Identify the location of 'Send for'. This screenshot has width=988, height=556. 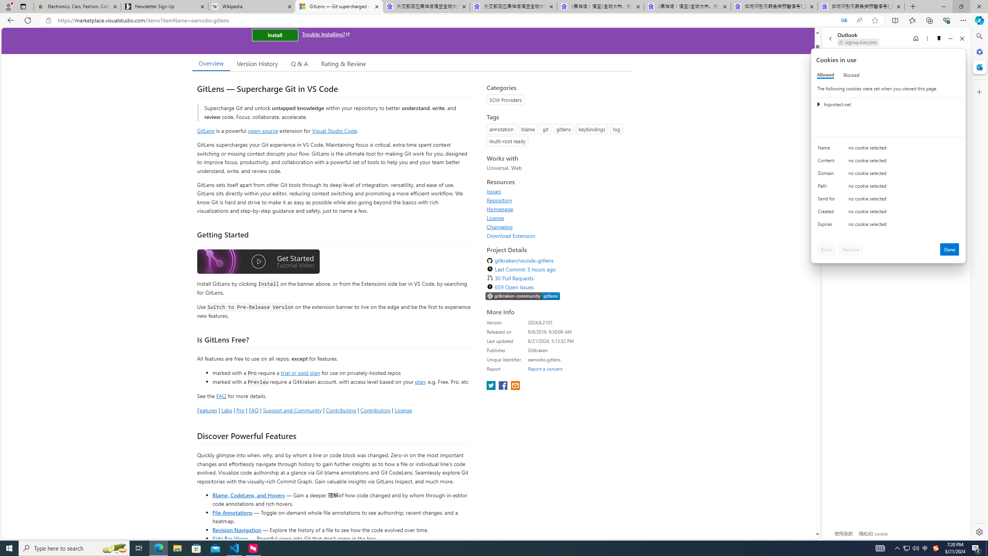
(827, 200).